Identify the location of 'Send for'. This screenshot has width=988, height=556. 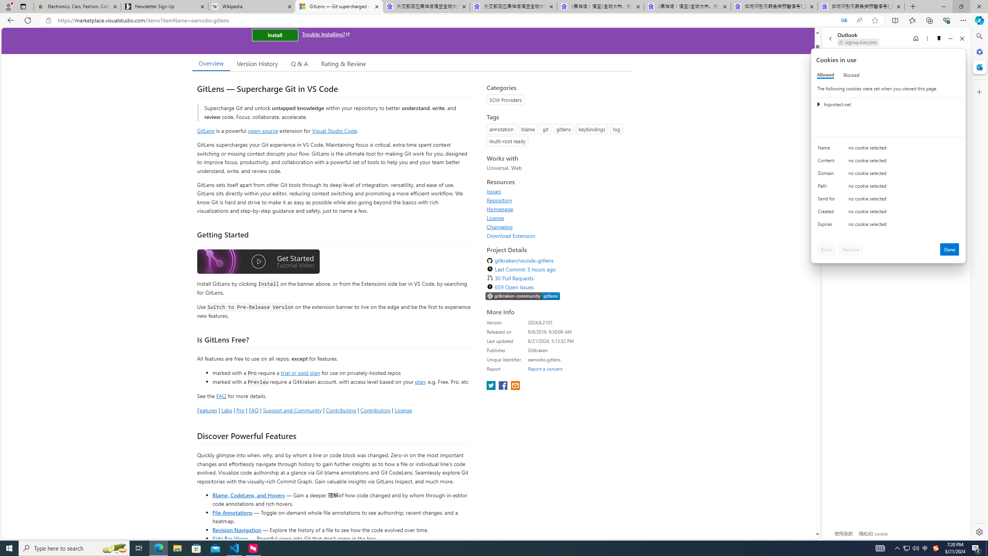
(827, 200).